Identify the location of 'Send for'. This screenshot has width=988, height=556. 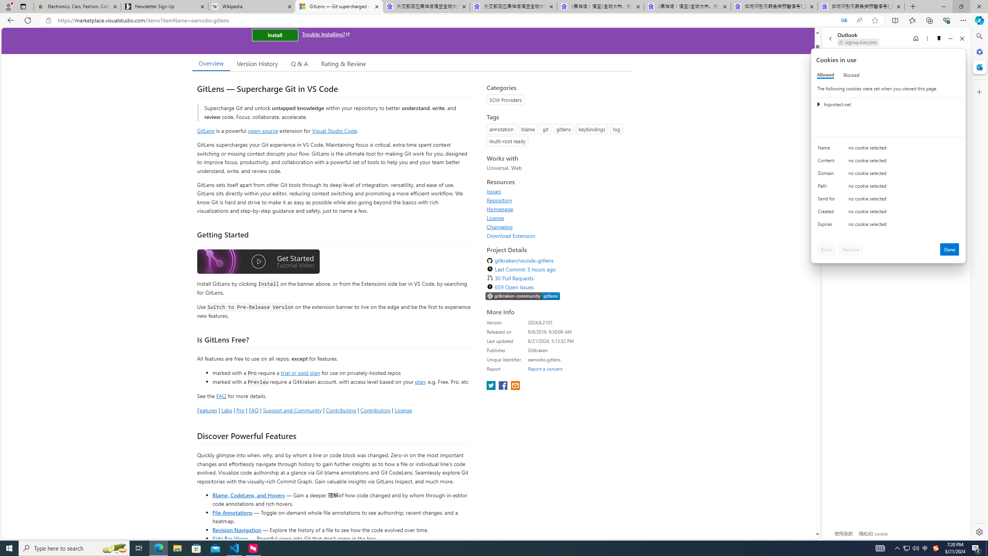
(827, 200).